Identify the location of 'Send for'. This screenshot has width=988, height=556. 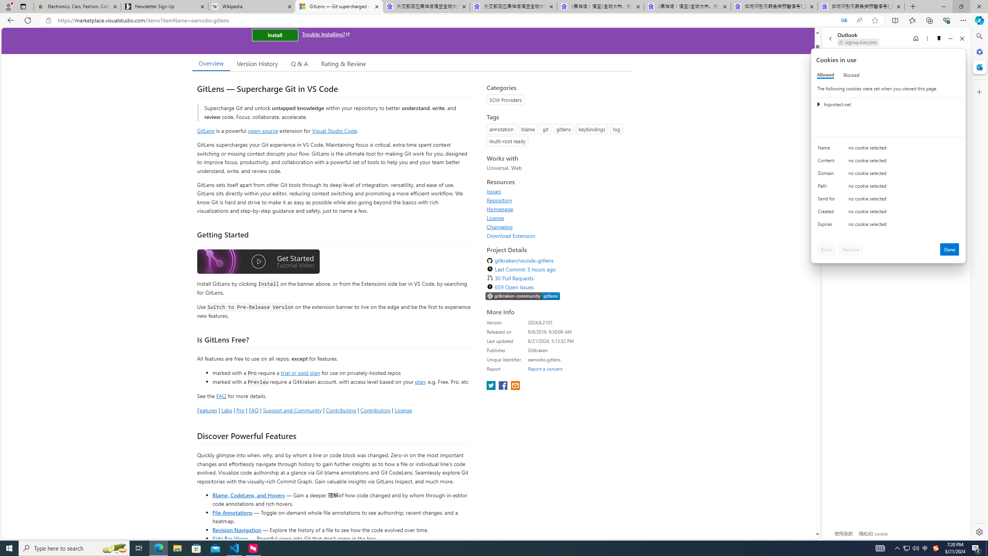
(827, 200).